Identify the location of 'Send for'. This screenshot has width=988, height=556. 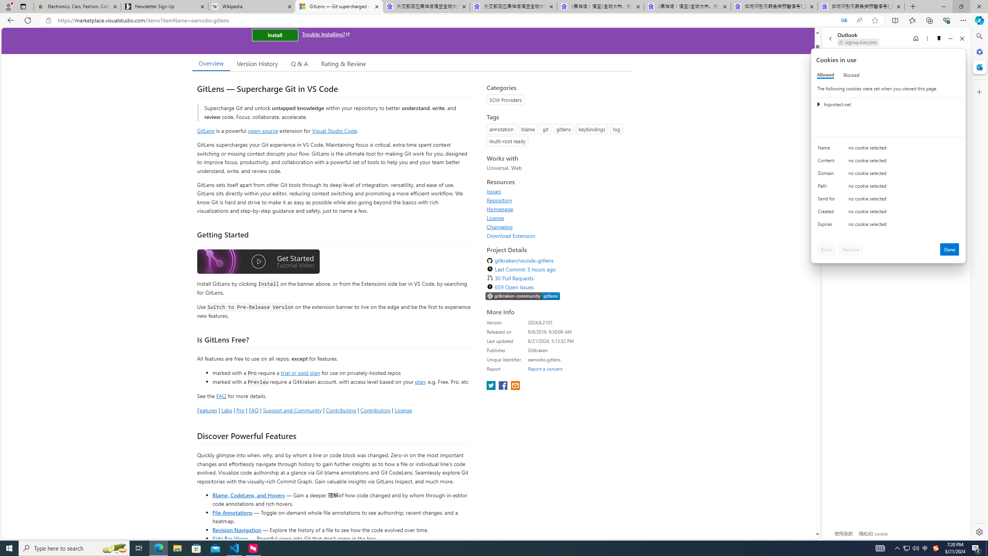
(827, 200).